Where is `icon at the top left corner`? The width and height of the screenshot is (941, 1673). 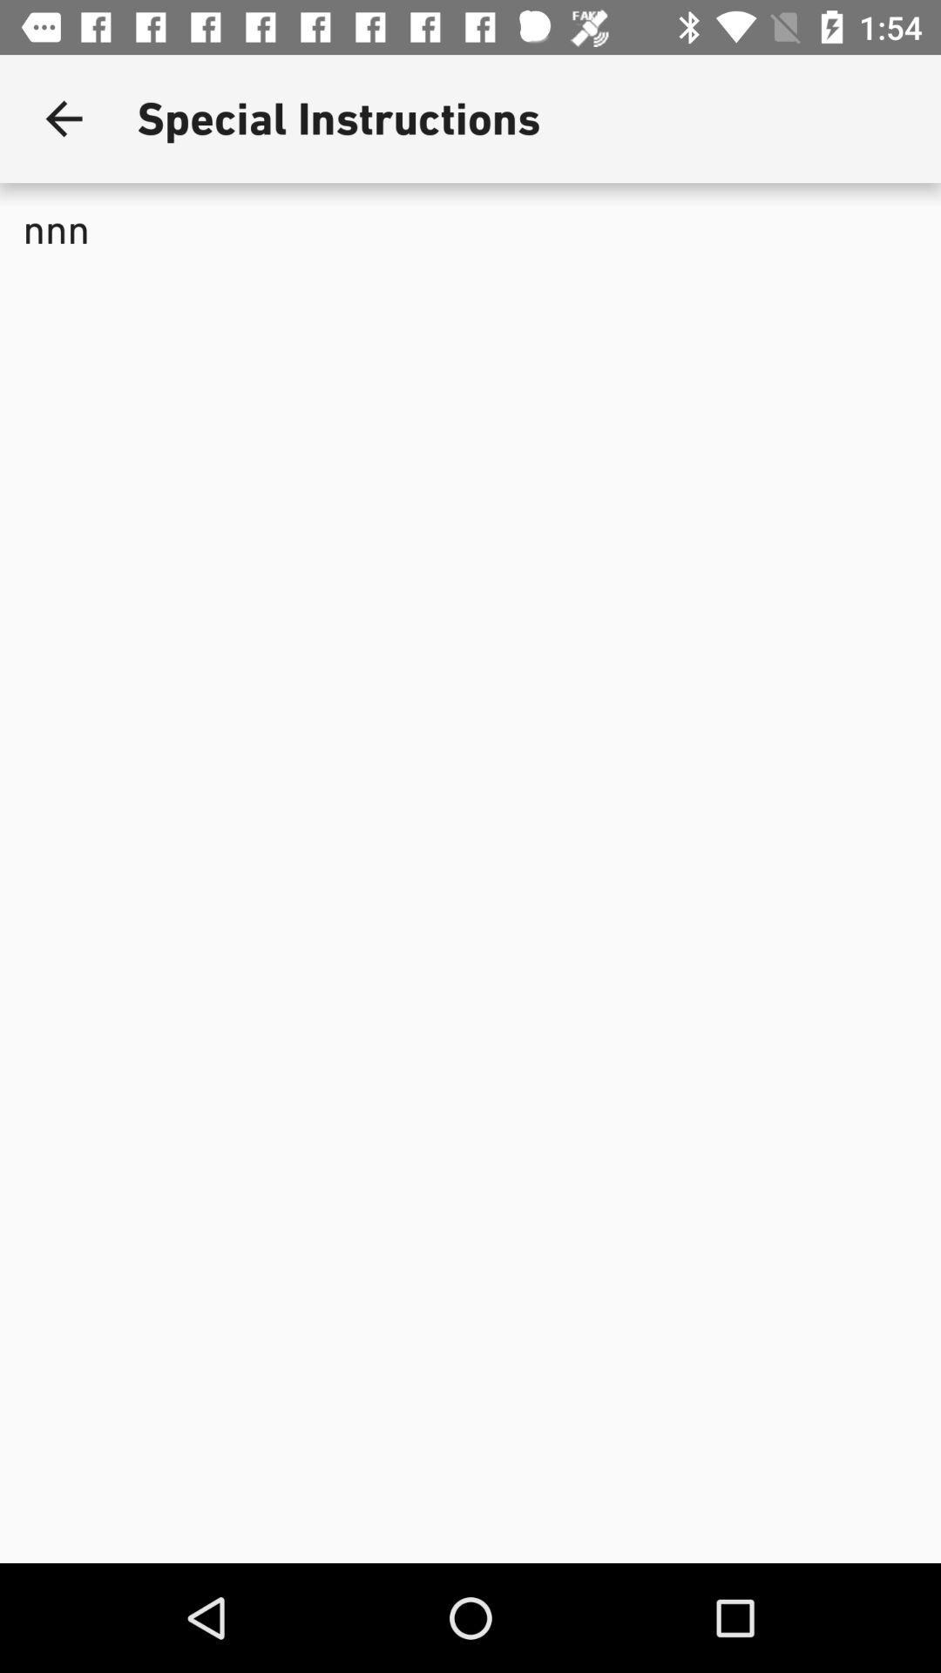
icon at the top left corner is located at coordinates (63, 118).